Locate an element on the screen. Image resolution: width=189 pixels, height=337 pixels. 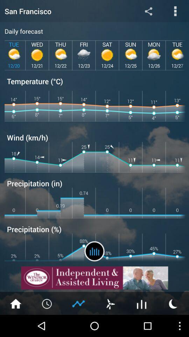
the time icon is located at coordinates (47, 325).